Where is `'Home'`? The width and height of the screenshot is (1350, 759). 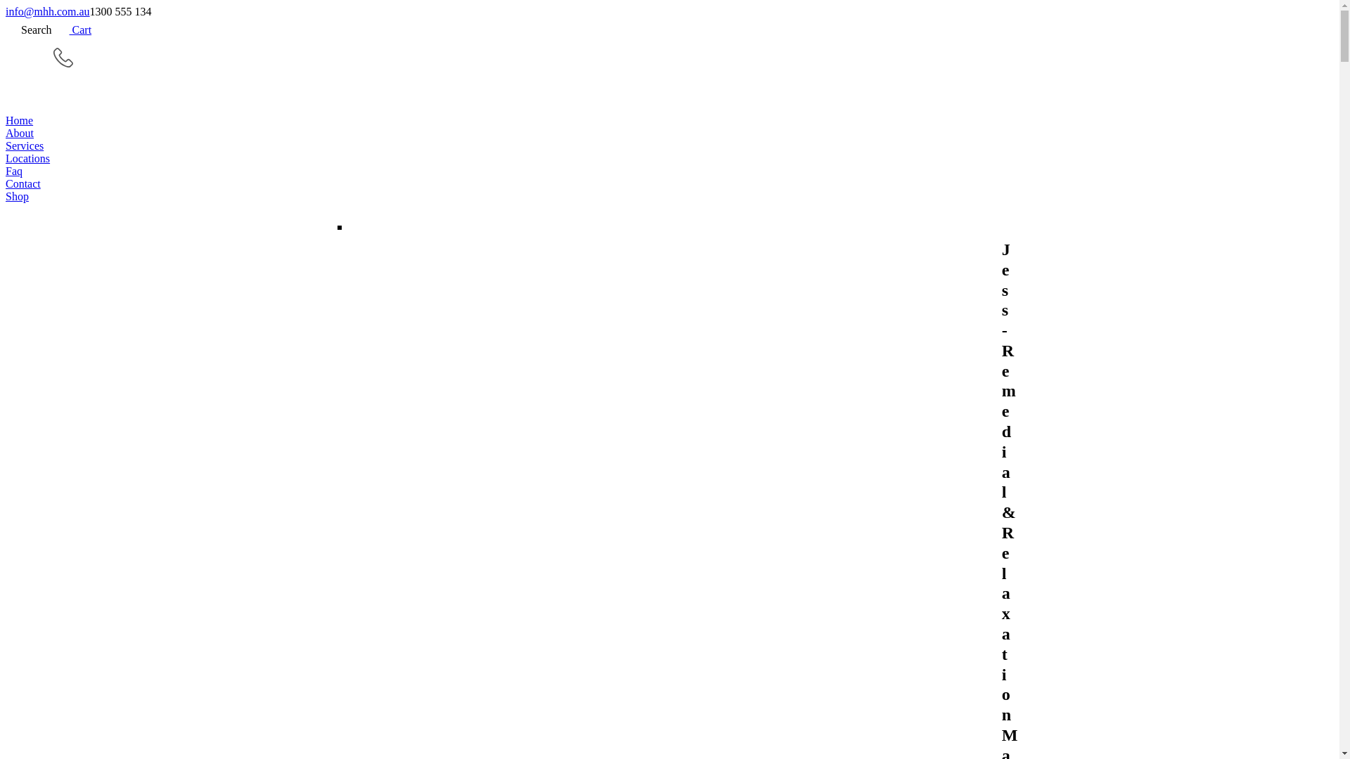 'Home' is located at coordinates (669, 120).